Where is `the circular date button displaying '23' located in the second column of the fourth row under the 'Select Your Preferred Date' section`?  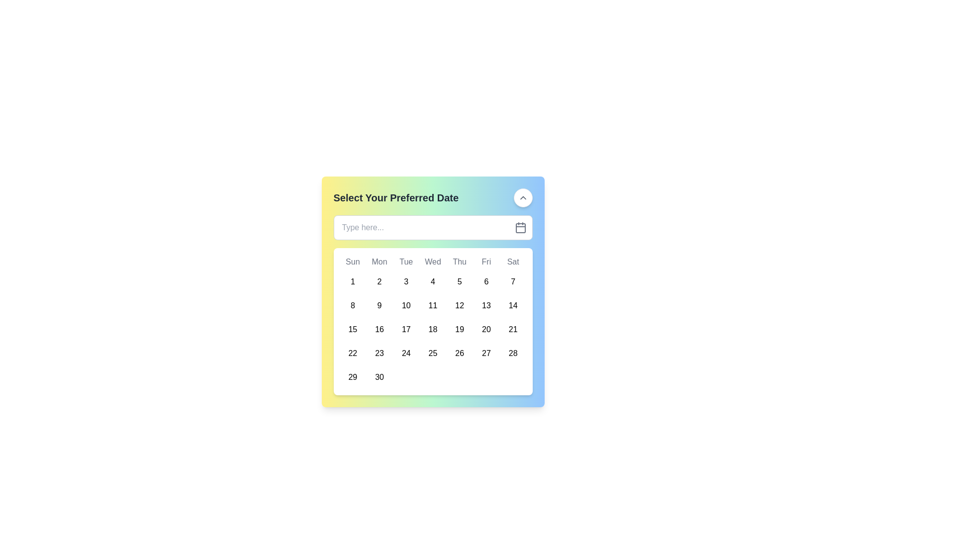 the circular date button displaying '23' located in the second column of the fourth row under the 'Select Your Preferred Date' section is located at coordinates (379, 353).